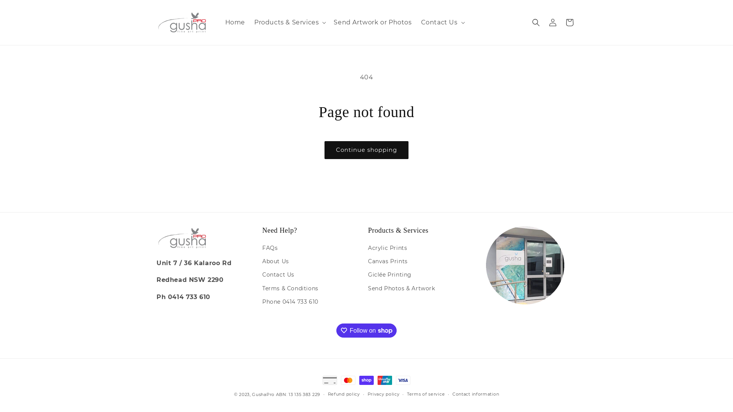 The image size is (733, 412). Describe the element at coordinates (425, 394) in the screenshot. I see `'Terms of service'` at that location.